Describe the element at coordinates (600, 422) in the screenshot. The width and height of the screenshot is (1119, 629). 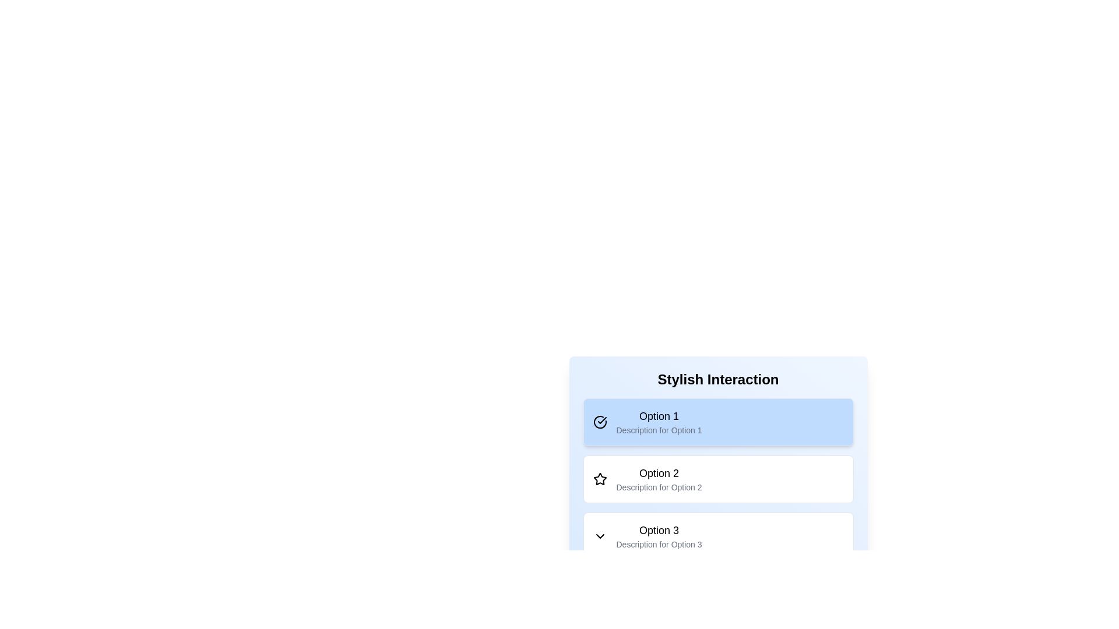
I see `the icon associated with Option 1 to toggle its selection` at that location.